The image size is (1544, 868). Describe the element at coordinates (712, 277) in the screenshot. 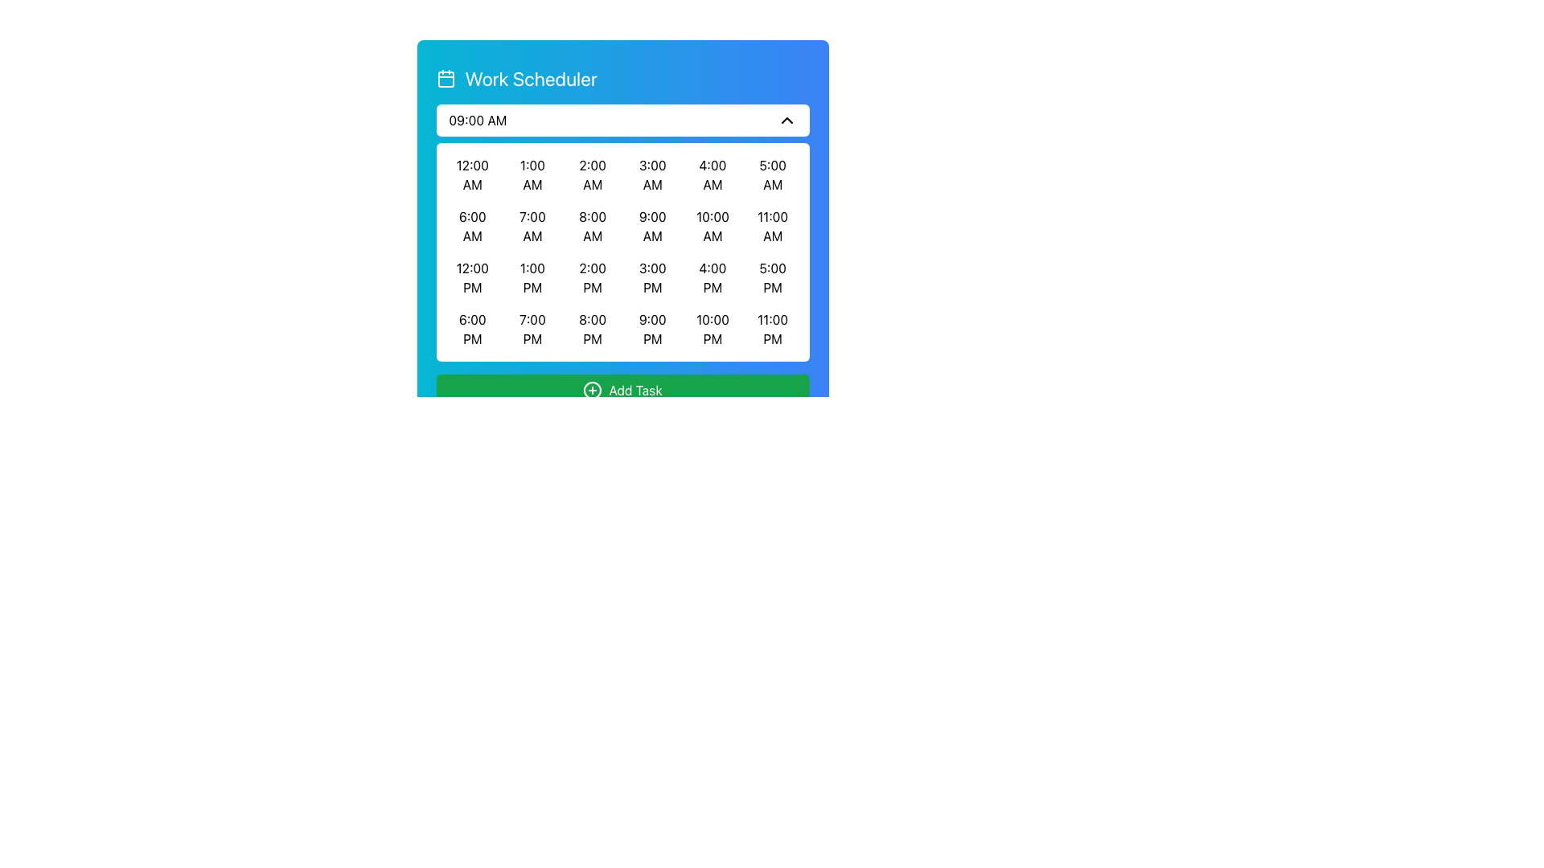

I see `the small, rounded rectangular button displaying '4:00 PM' in black` at that location.